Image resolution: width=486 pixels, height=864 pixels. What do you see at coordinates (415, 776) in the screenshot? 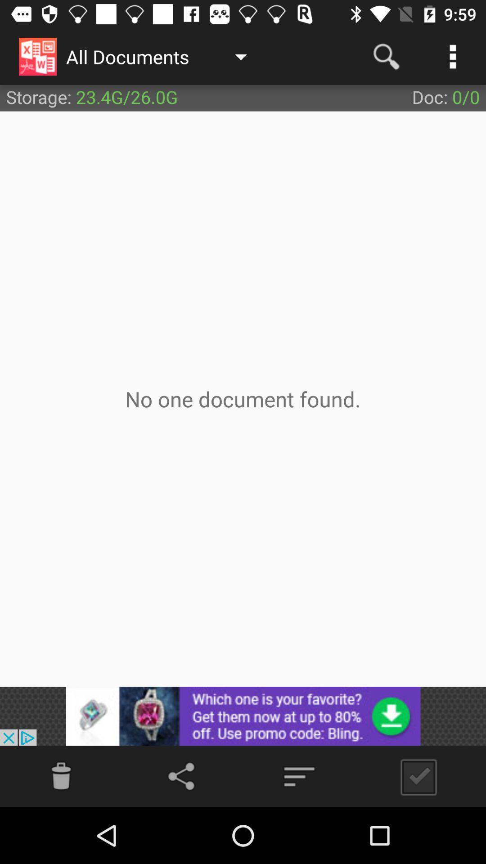
I see `button` at bounding box center [415, 776].